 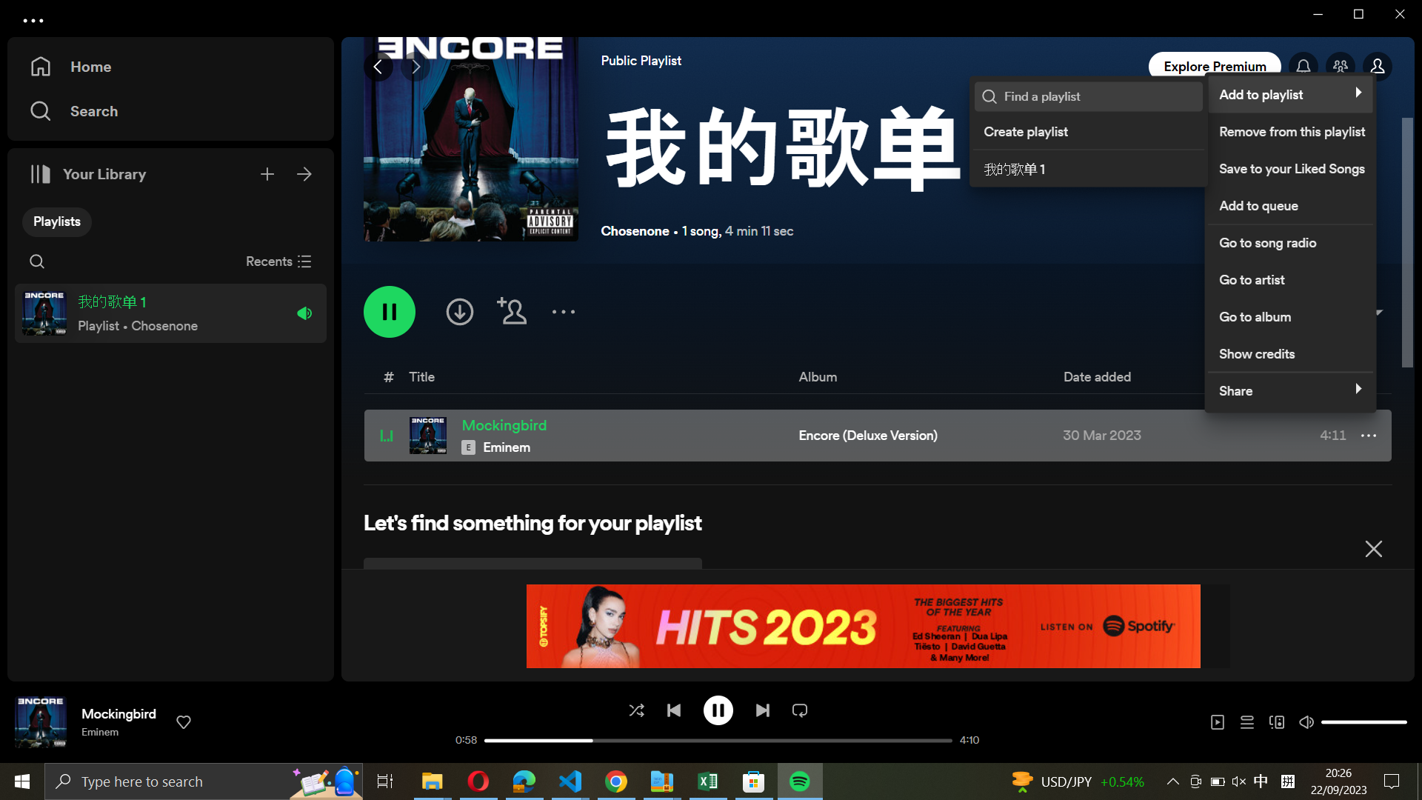 What do you see at coordinates (1289, 277) in the screenshot?
I see `the dedicated page of a selected artist` at bounding box center [1289, 277].